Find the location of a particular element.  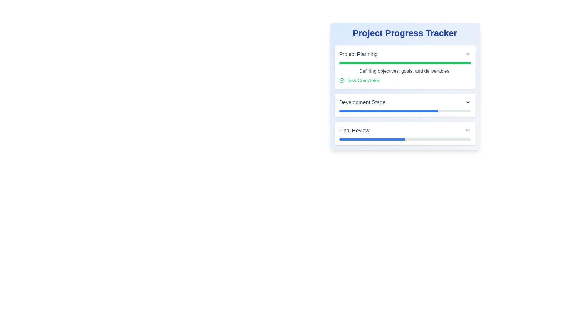

the completion percentage of the 'Final Review' progress bar is located at coordinates (357, 139).